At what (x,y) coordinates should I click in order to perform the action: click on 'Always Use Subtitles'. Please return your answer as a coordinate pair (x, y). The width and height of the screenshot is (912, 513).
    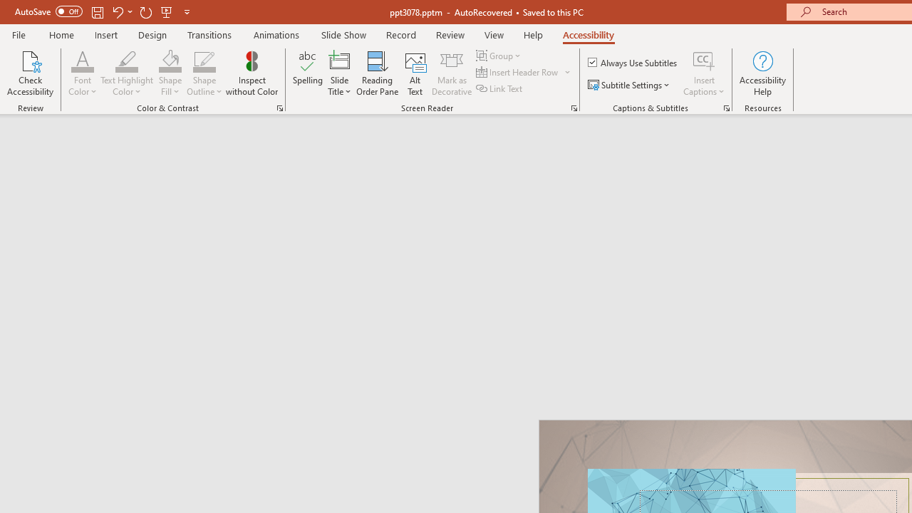
    Looking at the image, I should click on (633, 61).